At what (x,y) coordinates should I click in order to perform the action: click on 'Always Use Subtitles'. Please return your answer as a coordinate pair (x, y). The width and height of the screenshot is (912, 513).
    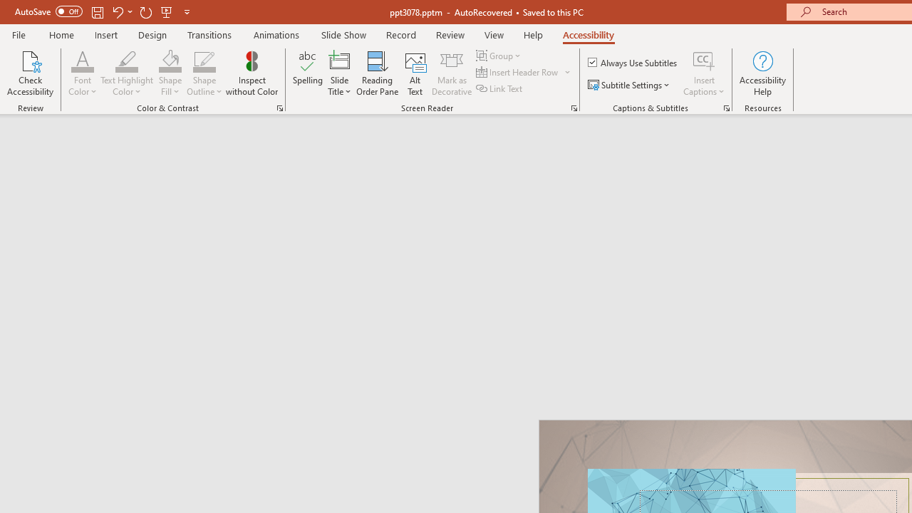
    Looking at the image, I should click on (633, 61).